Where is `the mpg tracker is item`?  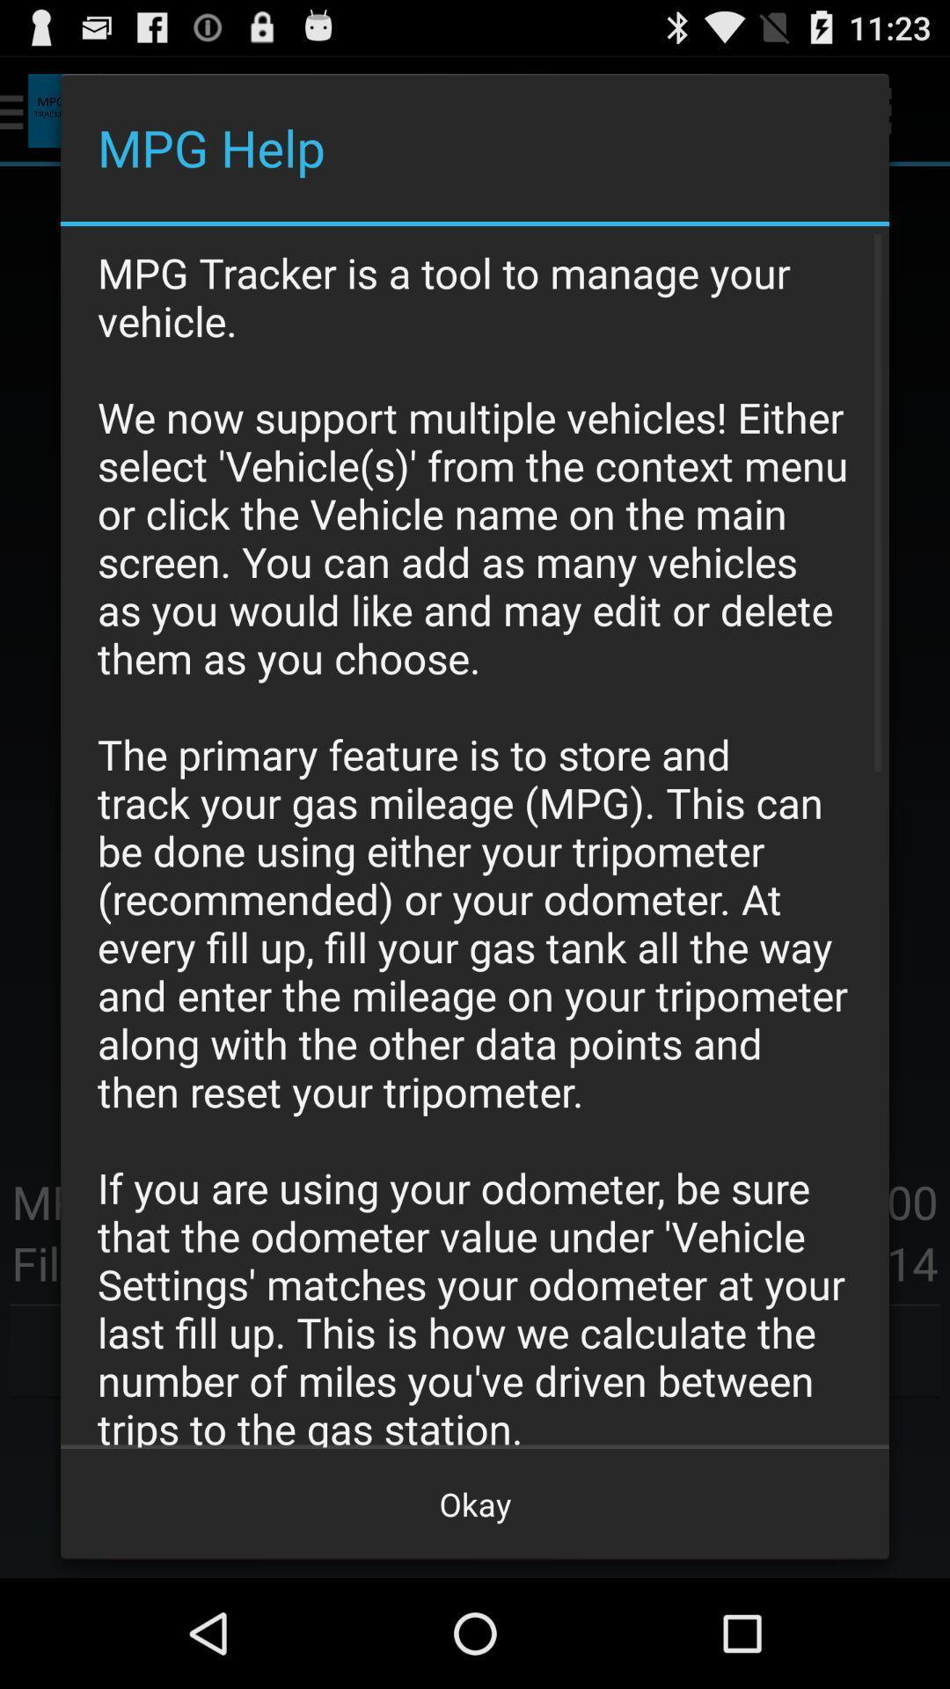
the mpg tracker is item is located at coordinates (475, 836).